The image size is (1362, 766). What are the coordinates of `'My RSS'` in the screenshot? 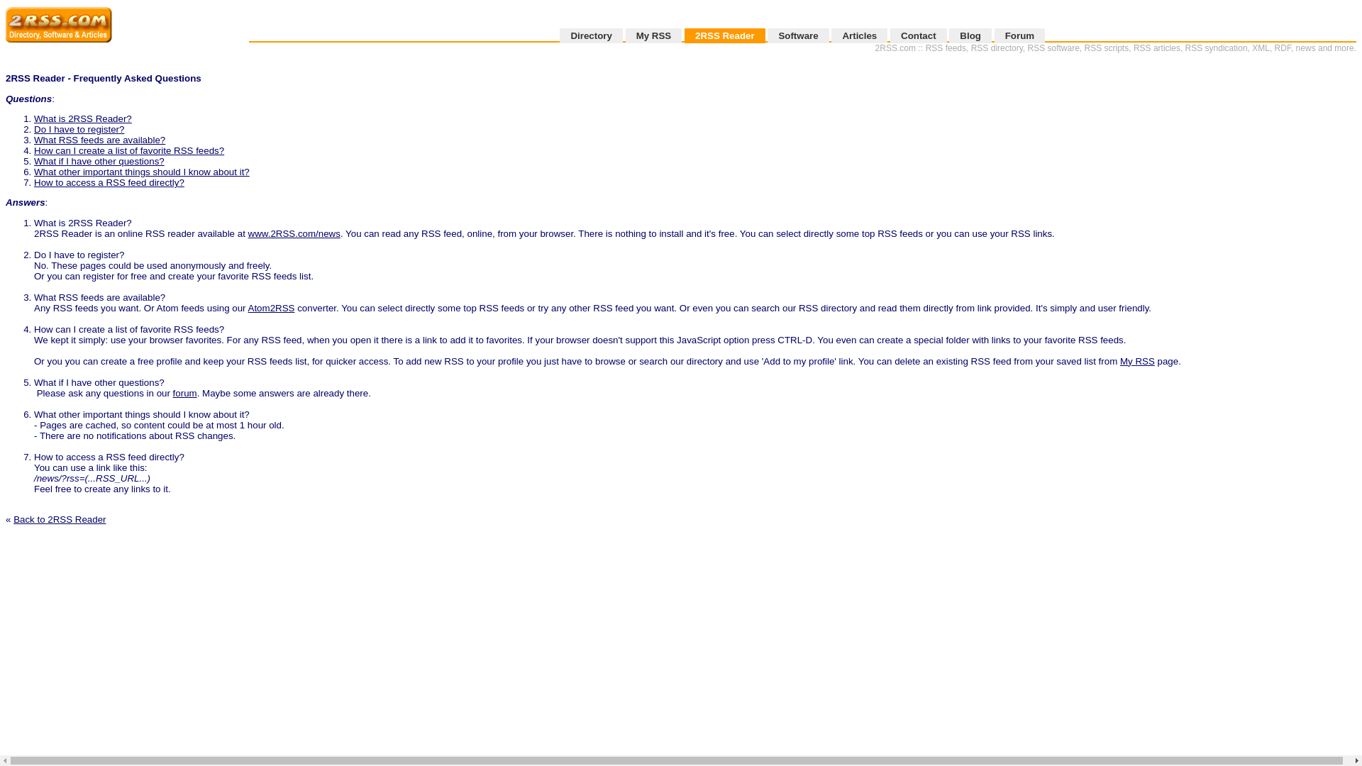 It's located at (653, 35).